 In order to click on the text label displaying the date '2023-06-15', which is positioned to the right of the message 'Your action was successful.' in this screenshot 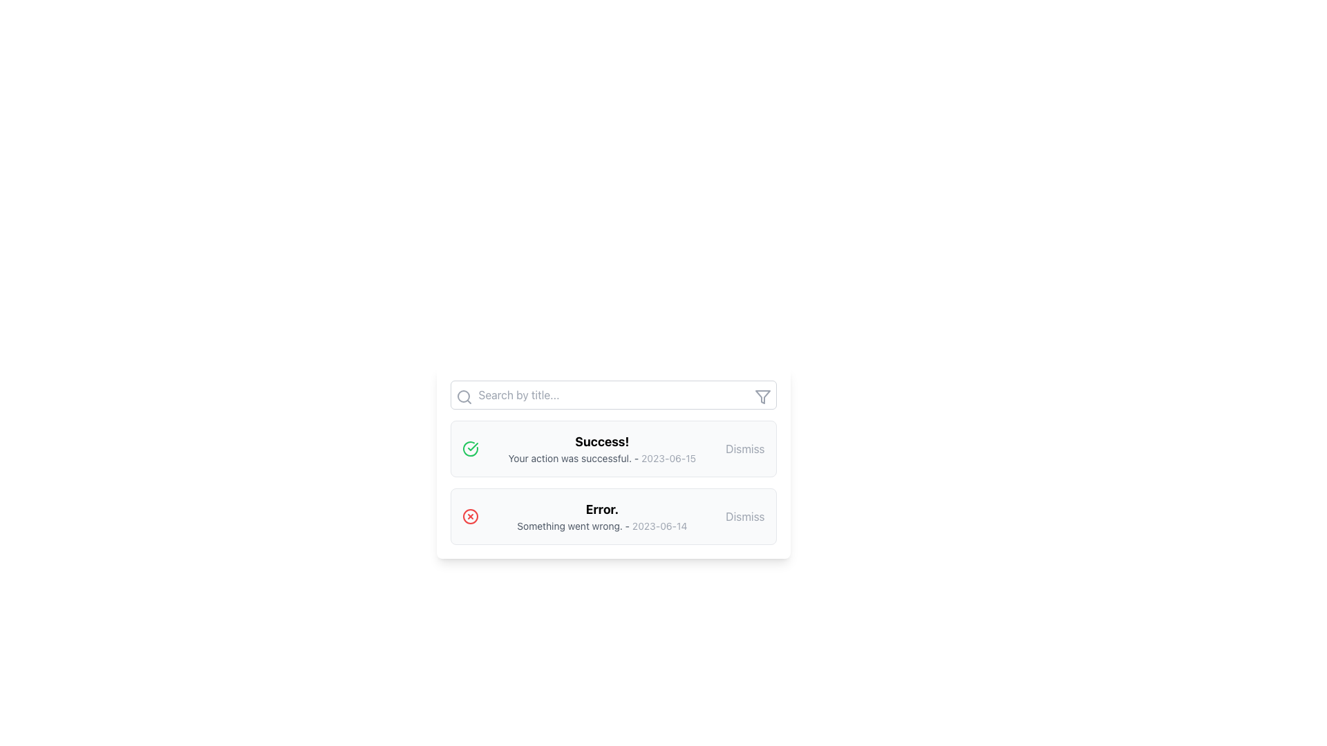, I will do `click(668, 458)`.